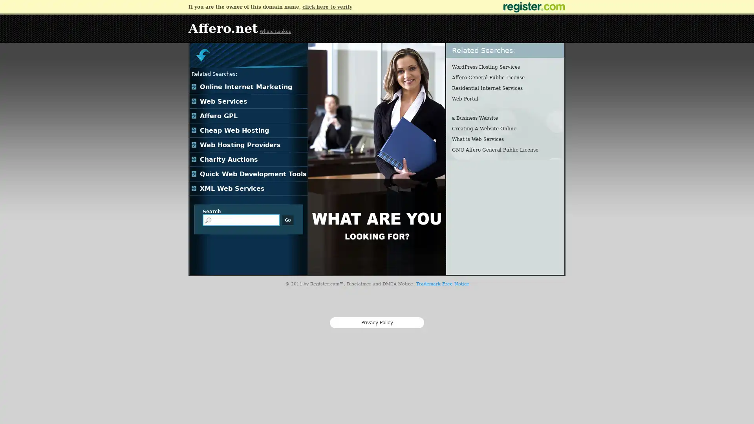  Describe the element at coordinates (287, 220) in the screenshot. I see `Go` at that location.